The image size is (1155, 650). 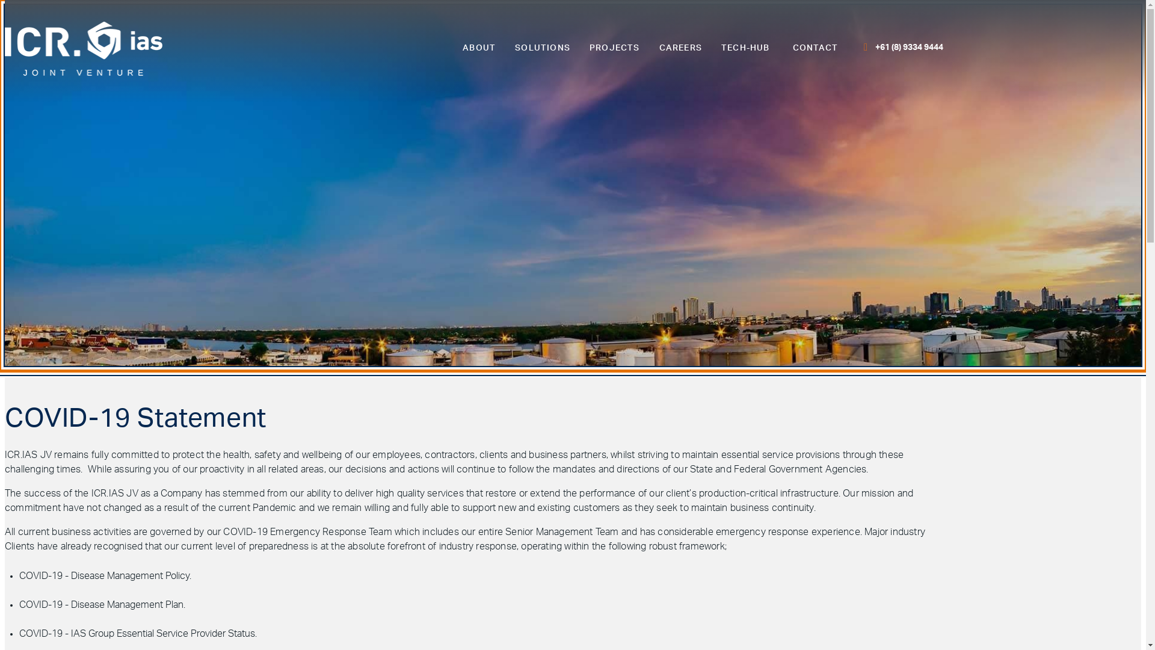 What do you see at coordinates (542, 48) in the screenshot?
I see `'SOLUTIONS'` at bounding box center [542, 48].